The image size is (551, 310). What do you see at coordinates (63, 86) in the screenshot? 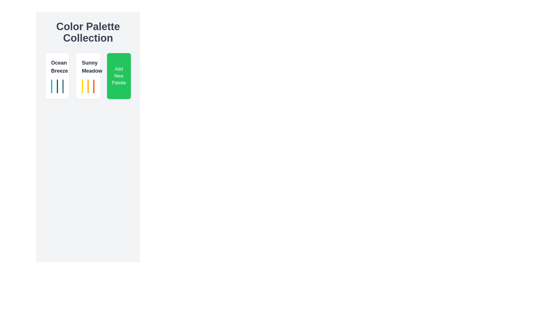
I see `the decorative graphical element that is the third and last in a group of three elements below the 'Sunny Meadow' palette` at bounding box center [63, 86].